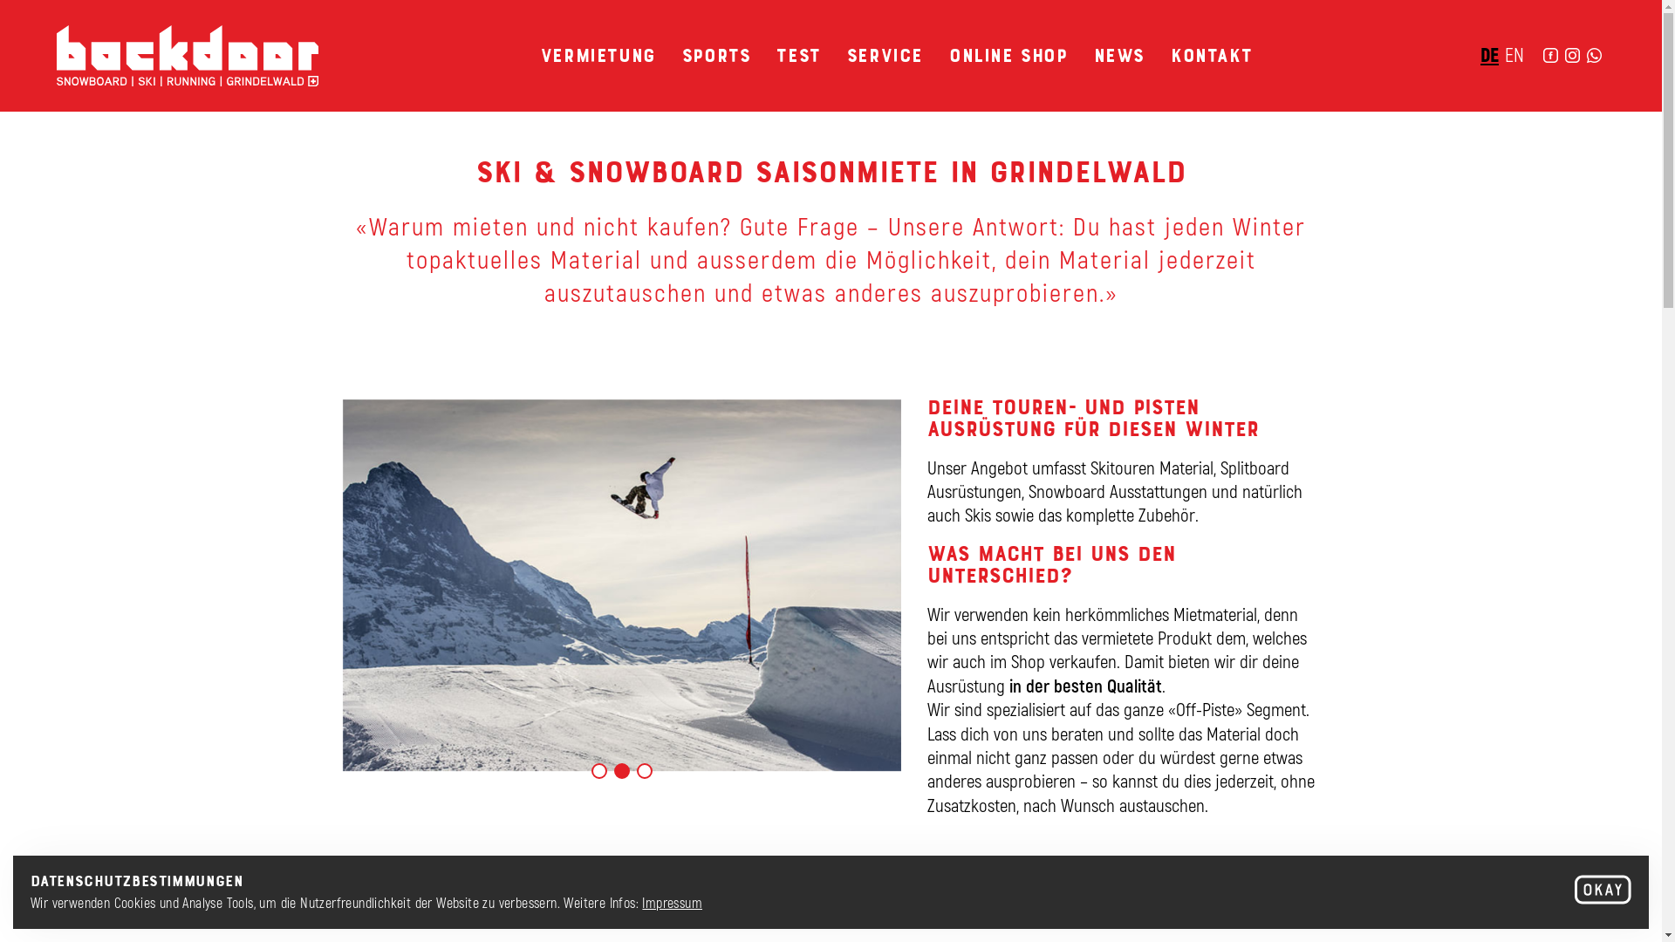 Image resolution: width=1675 pixels, height=942 pixels. I want to click on 'Sports', so click(716, 52).